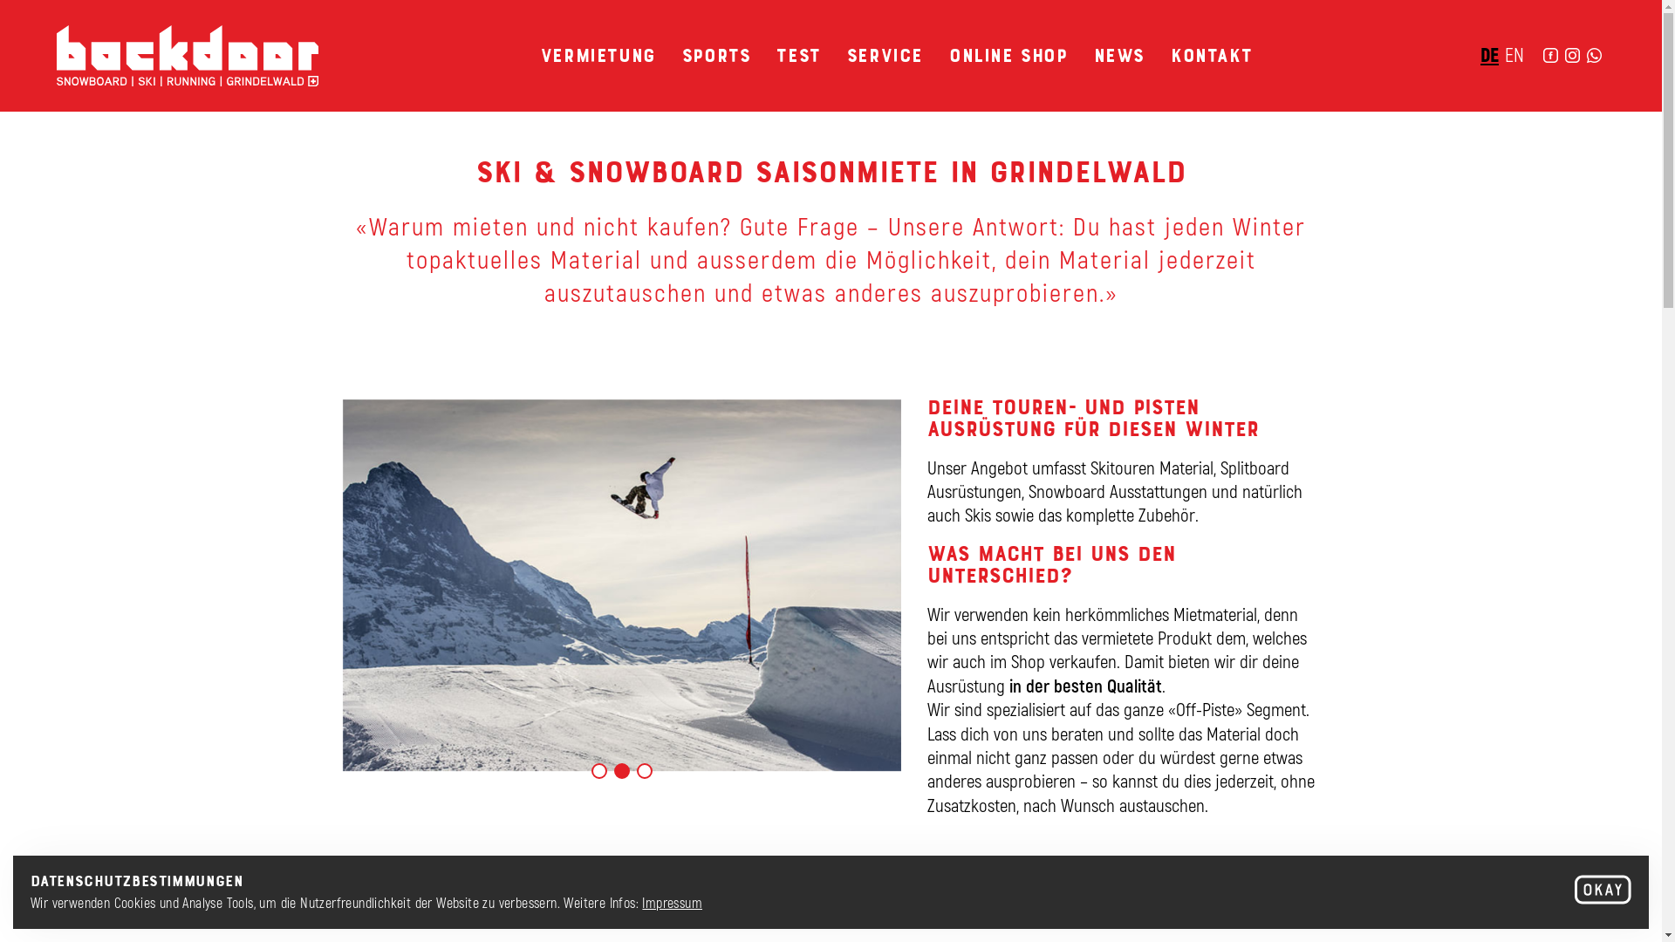 Image resolution: width=1675 pixels, height=942 pixels. I want to click on 'Sports', so click(716, 52).